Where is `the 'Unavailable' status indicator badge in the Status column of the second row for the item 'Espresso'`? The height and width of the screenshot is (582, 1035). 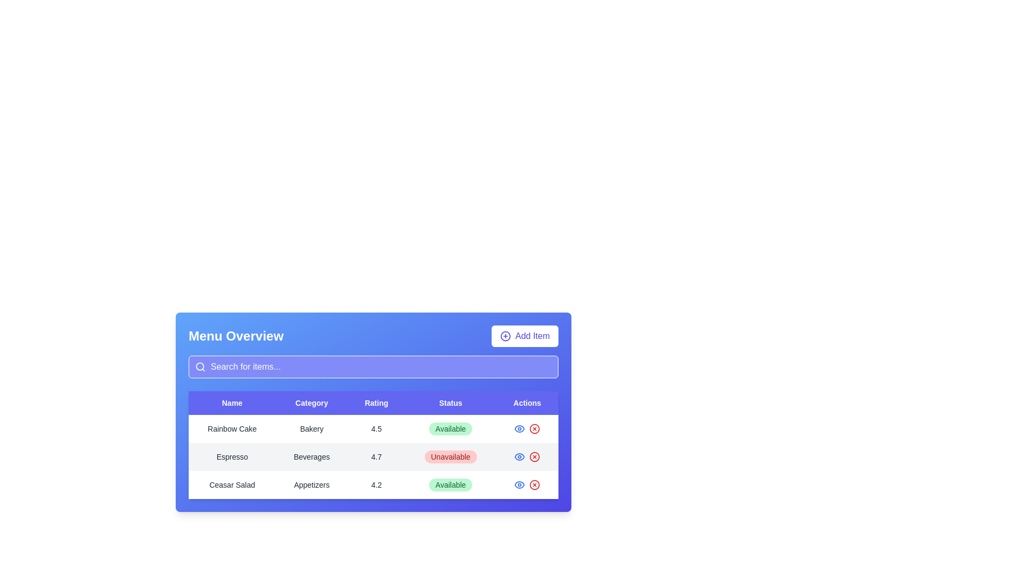 the 'Unavailable' status indicator badge in the Status column of the second row for the item 'Espresso' is located at coordinates (451, 457).